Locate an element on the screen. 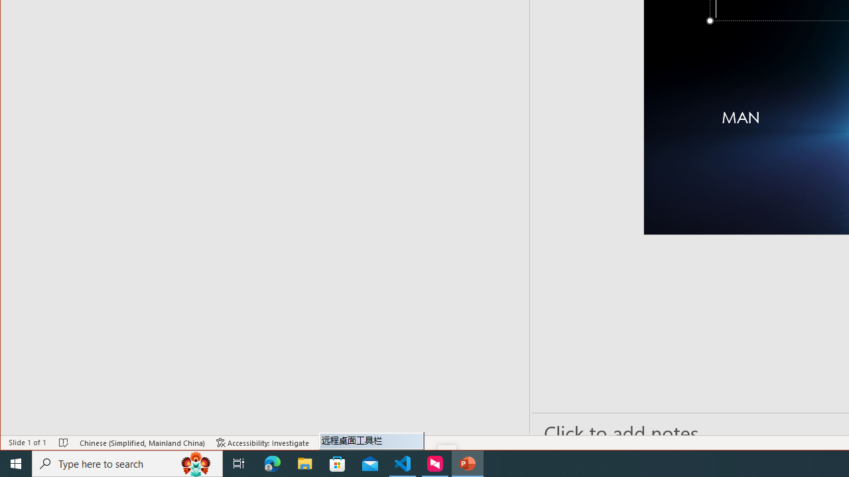 The image size is (849, 477). 'Accessibility Checker Accessibility: Investigate' is located at coordinates (263, 443).